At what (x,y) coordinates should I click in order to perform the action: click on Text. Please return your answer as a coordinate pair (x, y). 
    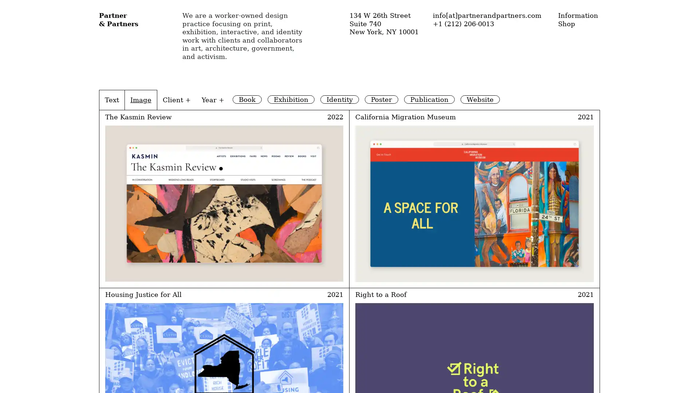
    Looking at the image, I should click on (111, 99).